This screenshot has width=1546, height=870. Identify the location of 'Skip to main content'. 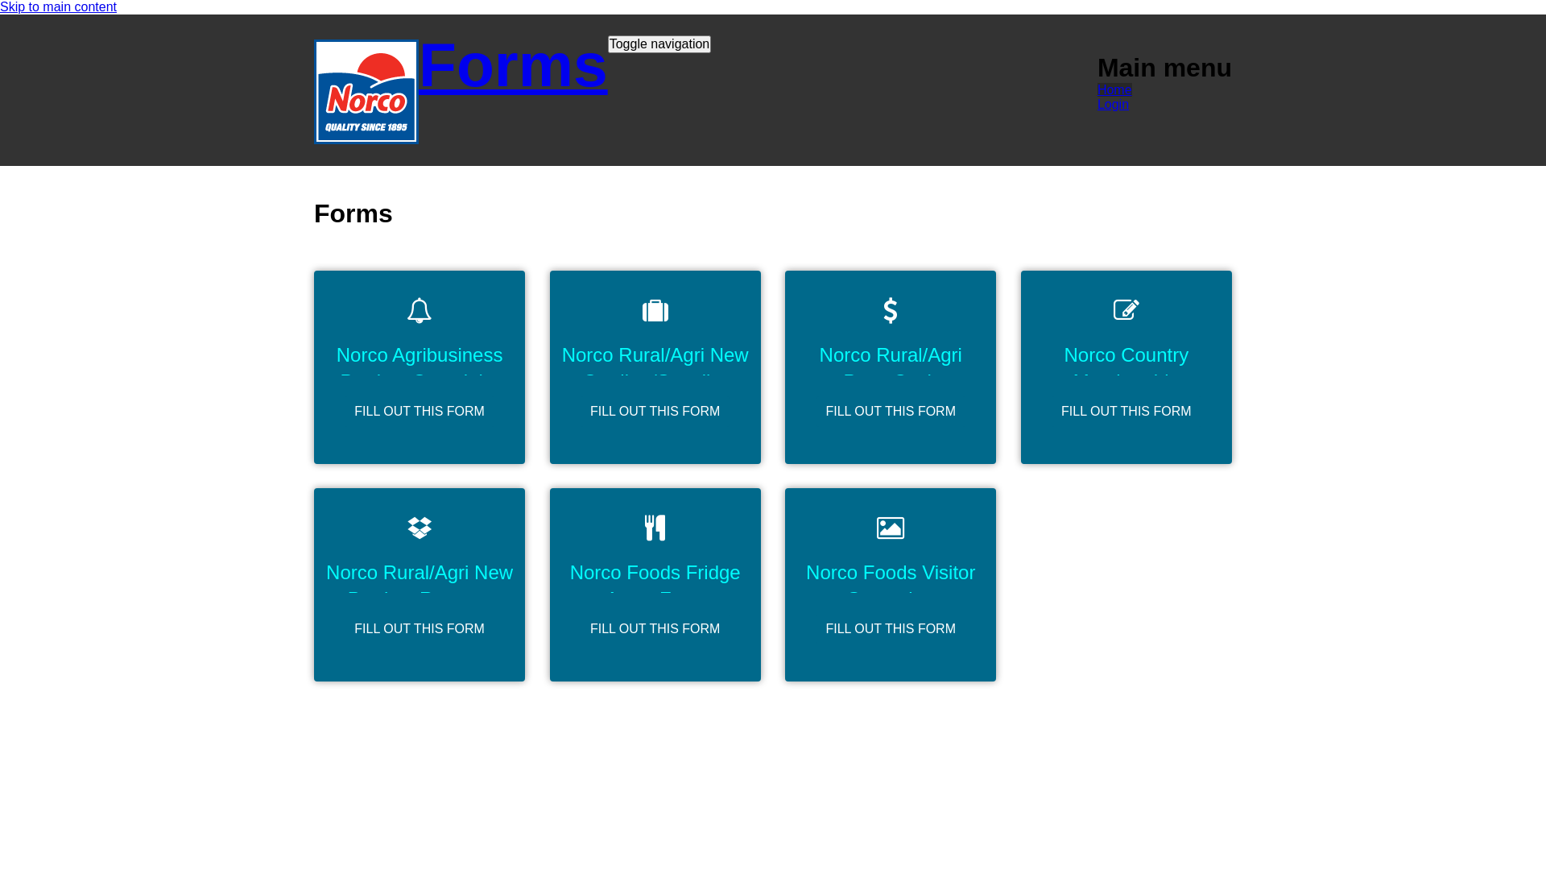
(58, 6).